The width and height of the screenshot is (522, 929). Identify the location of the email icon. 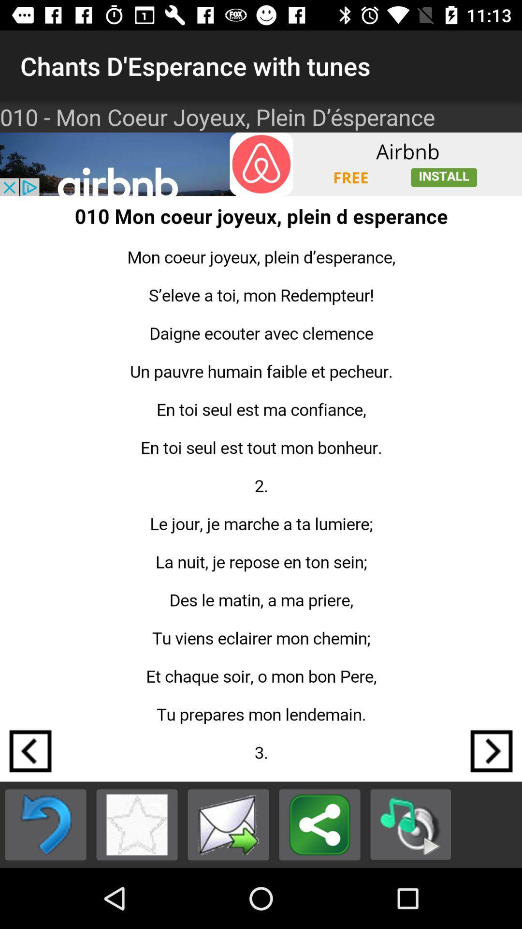
(228, 824).